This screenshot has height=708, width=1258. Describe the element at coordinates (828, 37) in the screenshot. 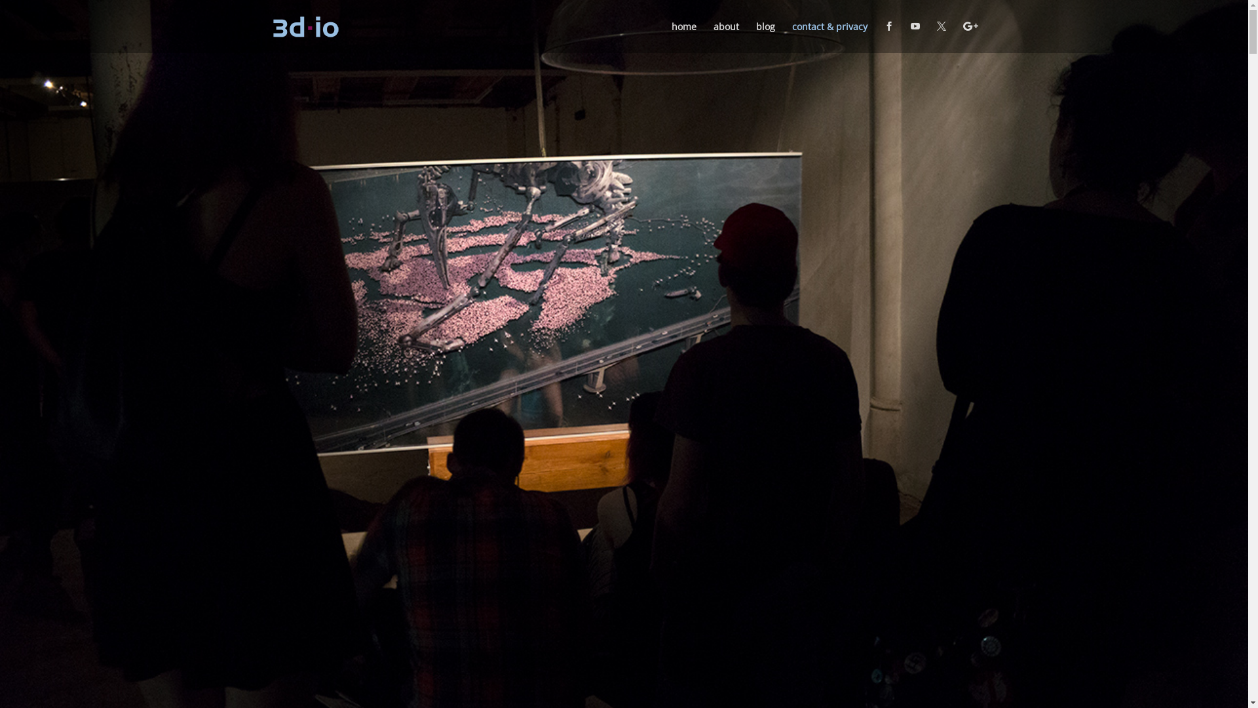

I see `'contact & privacy'` at that location.